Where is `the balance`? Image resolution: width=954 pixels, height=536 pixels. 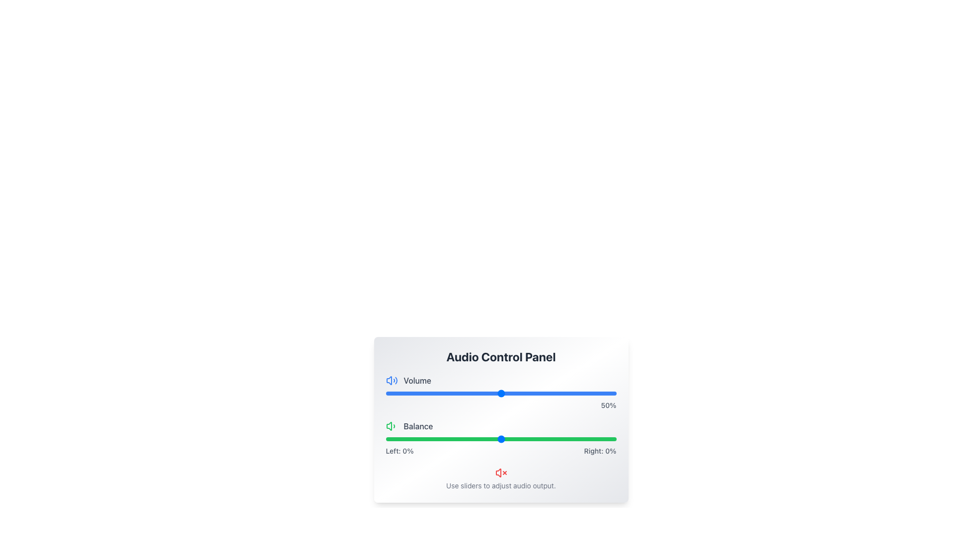 the balance is located at coordinates (496, 438).